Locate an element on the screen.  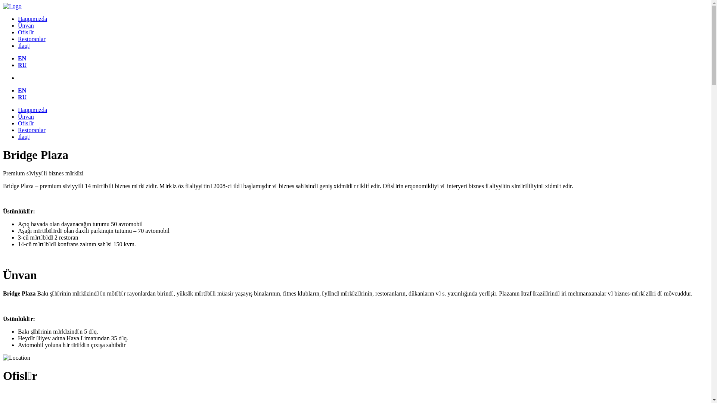
'Restoranlar' is located at coordinates (31, 39).